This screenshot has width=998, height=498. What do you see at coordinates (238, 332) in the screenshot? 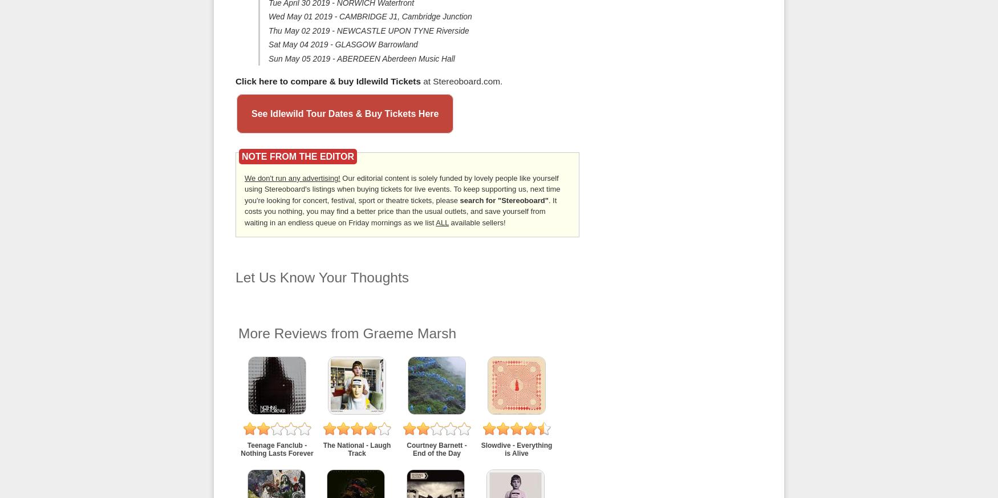
I see `'More Reviews from Graeme Marsh'` at bounding box center [238, 332].